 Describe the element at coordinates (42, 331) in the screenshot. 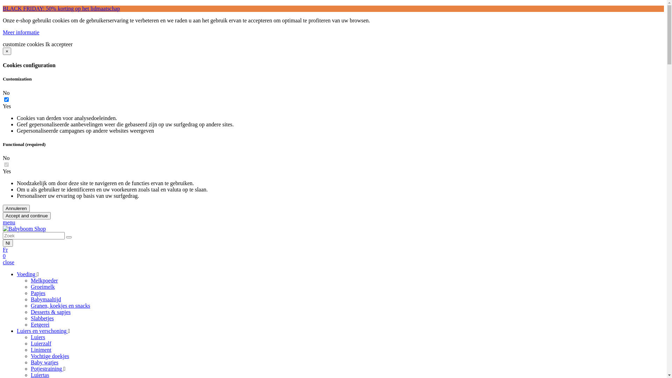

I see `'Luiers en verschoning'` at that location.